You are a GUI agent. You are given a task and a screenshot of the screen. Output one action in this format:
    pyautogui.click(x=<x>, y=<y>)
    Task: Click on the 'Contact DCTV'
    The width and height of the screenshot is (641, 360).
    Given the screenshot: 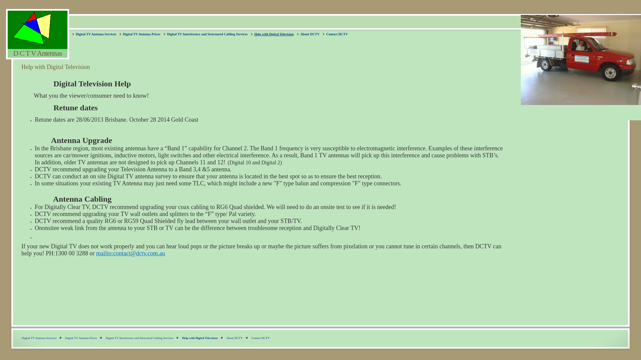 What is the action you would take?
    pyautogui.click(x=337, y=34)
    